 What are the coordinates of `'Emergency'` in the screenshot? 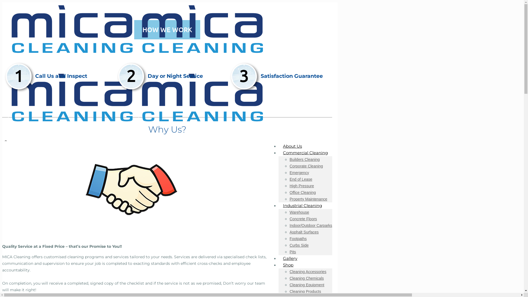 It's located at (299, 172).